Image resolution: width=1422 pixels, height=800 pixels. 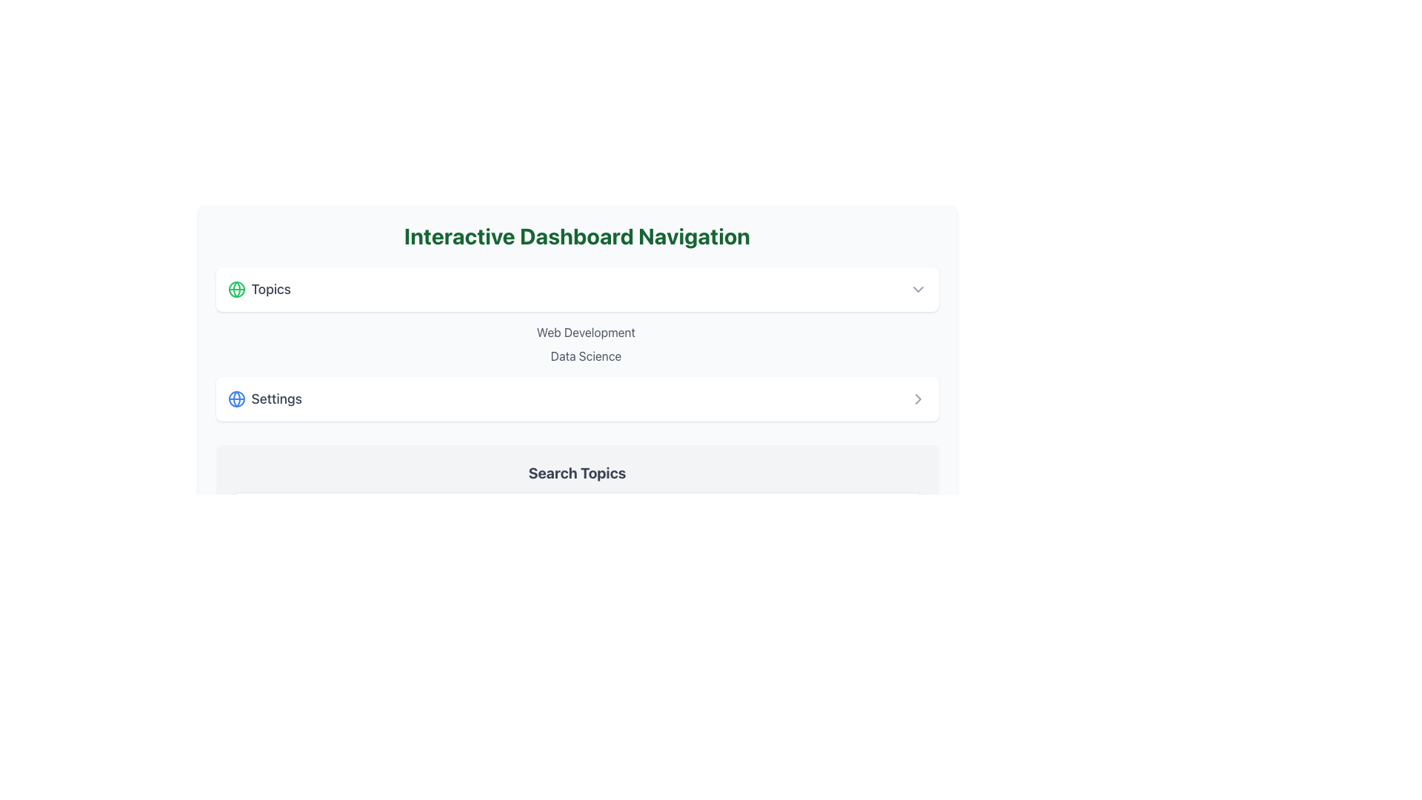 What do you see at coordinates (236, 289) in the screenshot?
I see `the icon associated with the 'Topics' section` at bounding box center [236, 289].